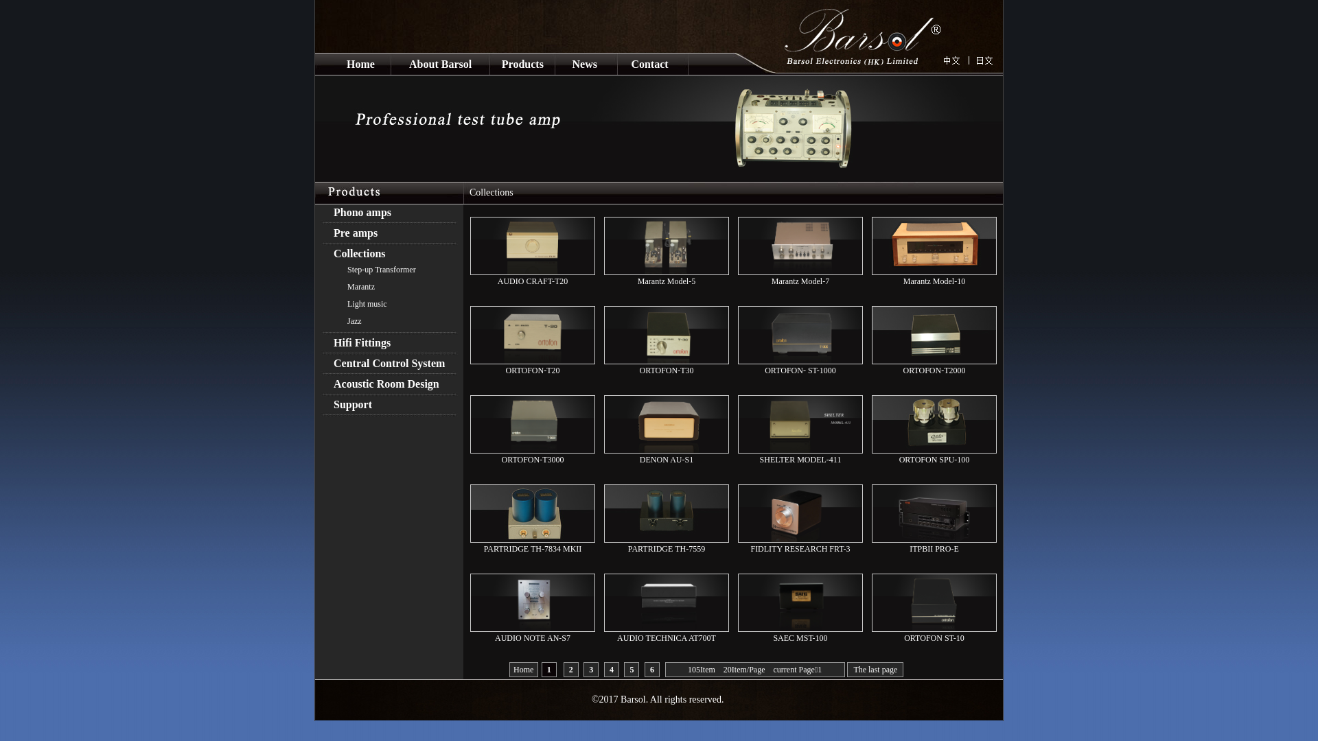  I want to click on 'AUDIO CRAFT-T20', so click(532, 280).